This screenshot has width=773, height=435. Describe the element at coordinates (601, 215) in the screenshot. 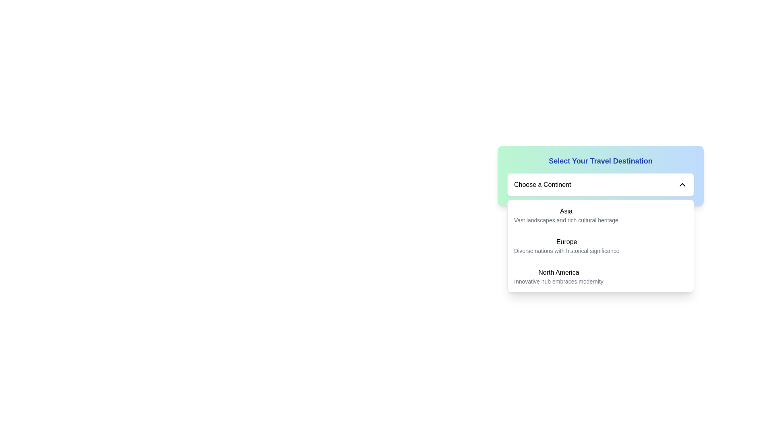

I see `the 'Asia' option in the dropdown menu` at that location.